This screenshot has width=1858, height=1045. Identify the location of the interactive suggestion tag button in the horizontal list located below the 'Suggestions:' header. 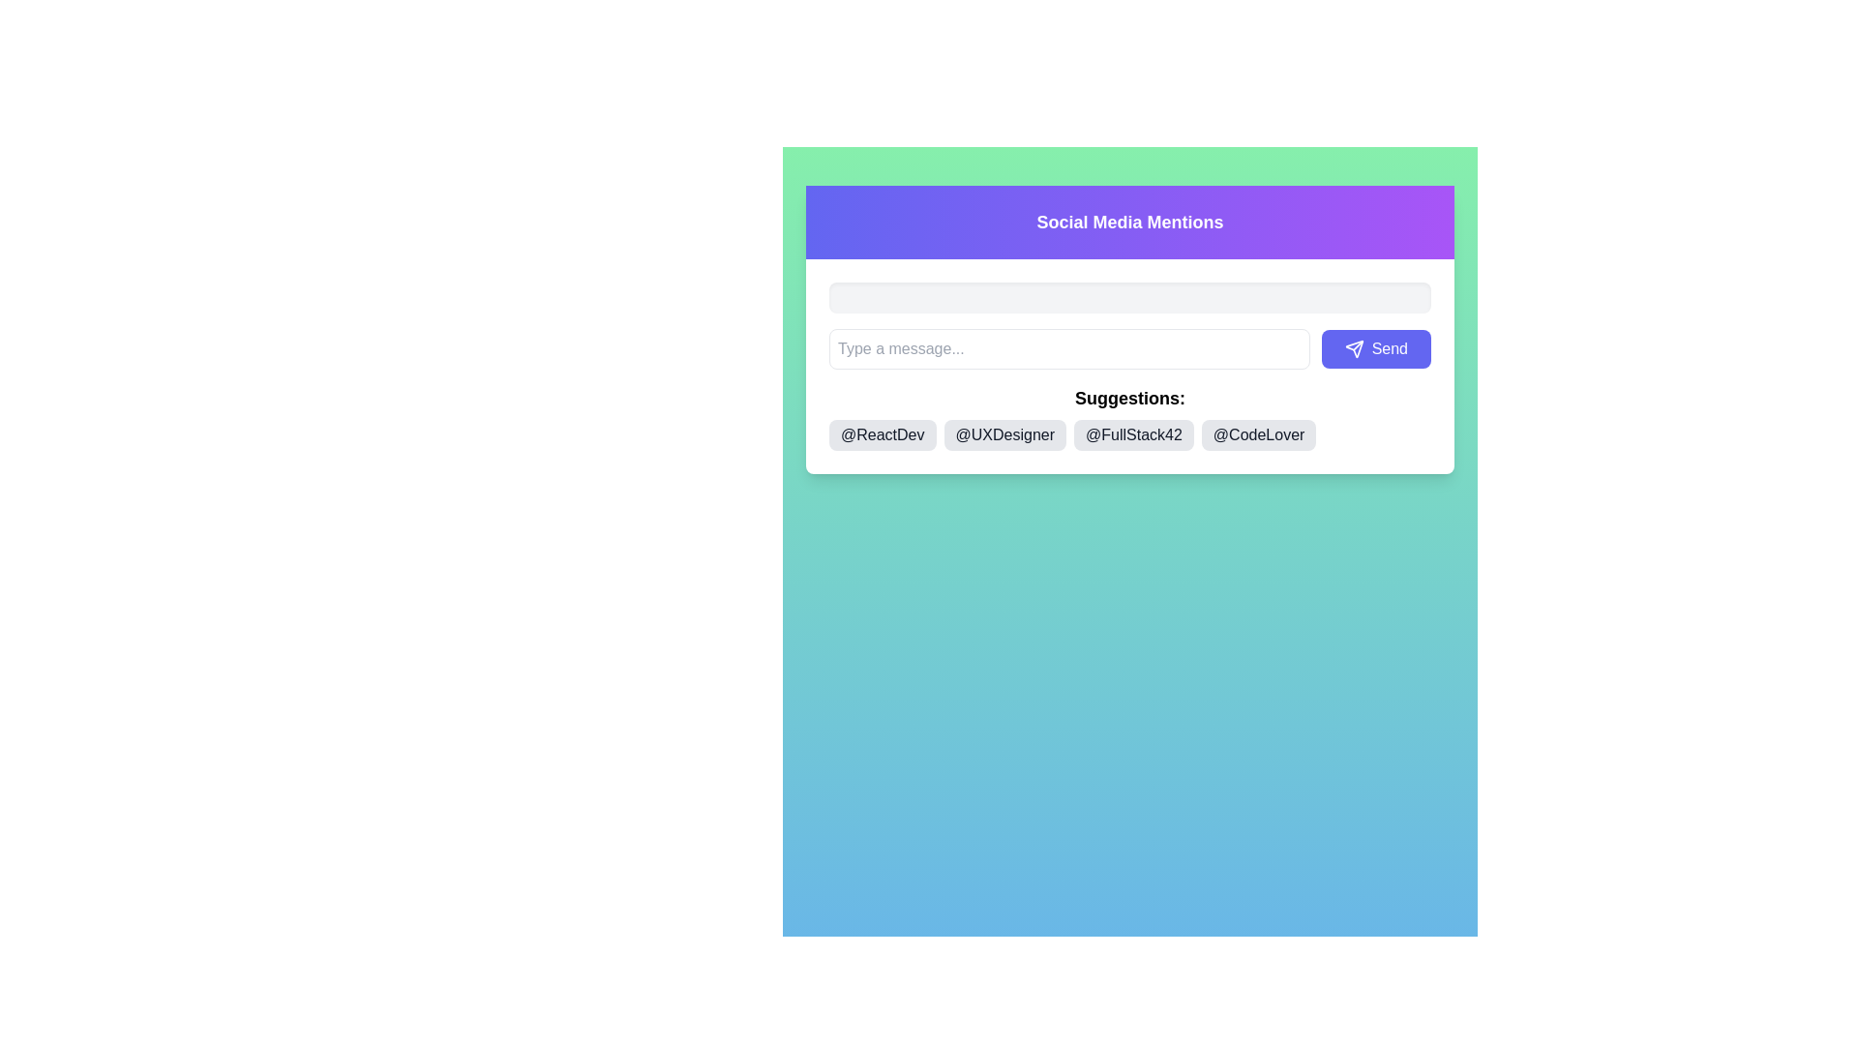
(1129, 435).